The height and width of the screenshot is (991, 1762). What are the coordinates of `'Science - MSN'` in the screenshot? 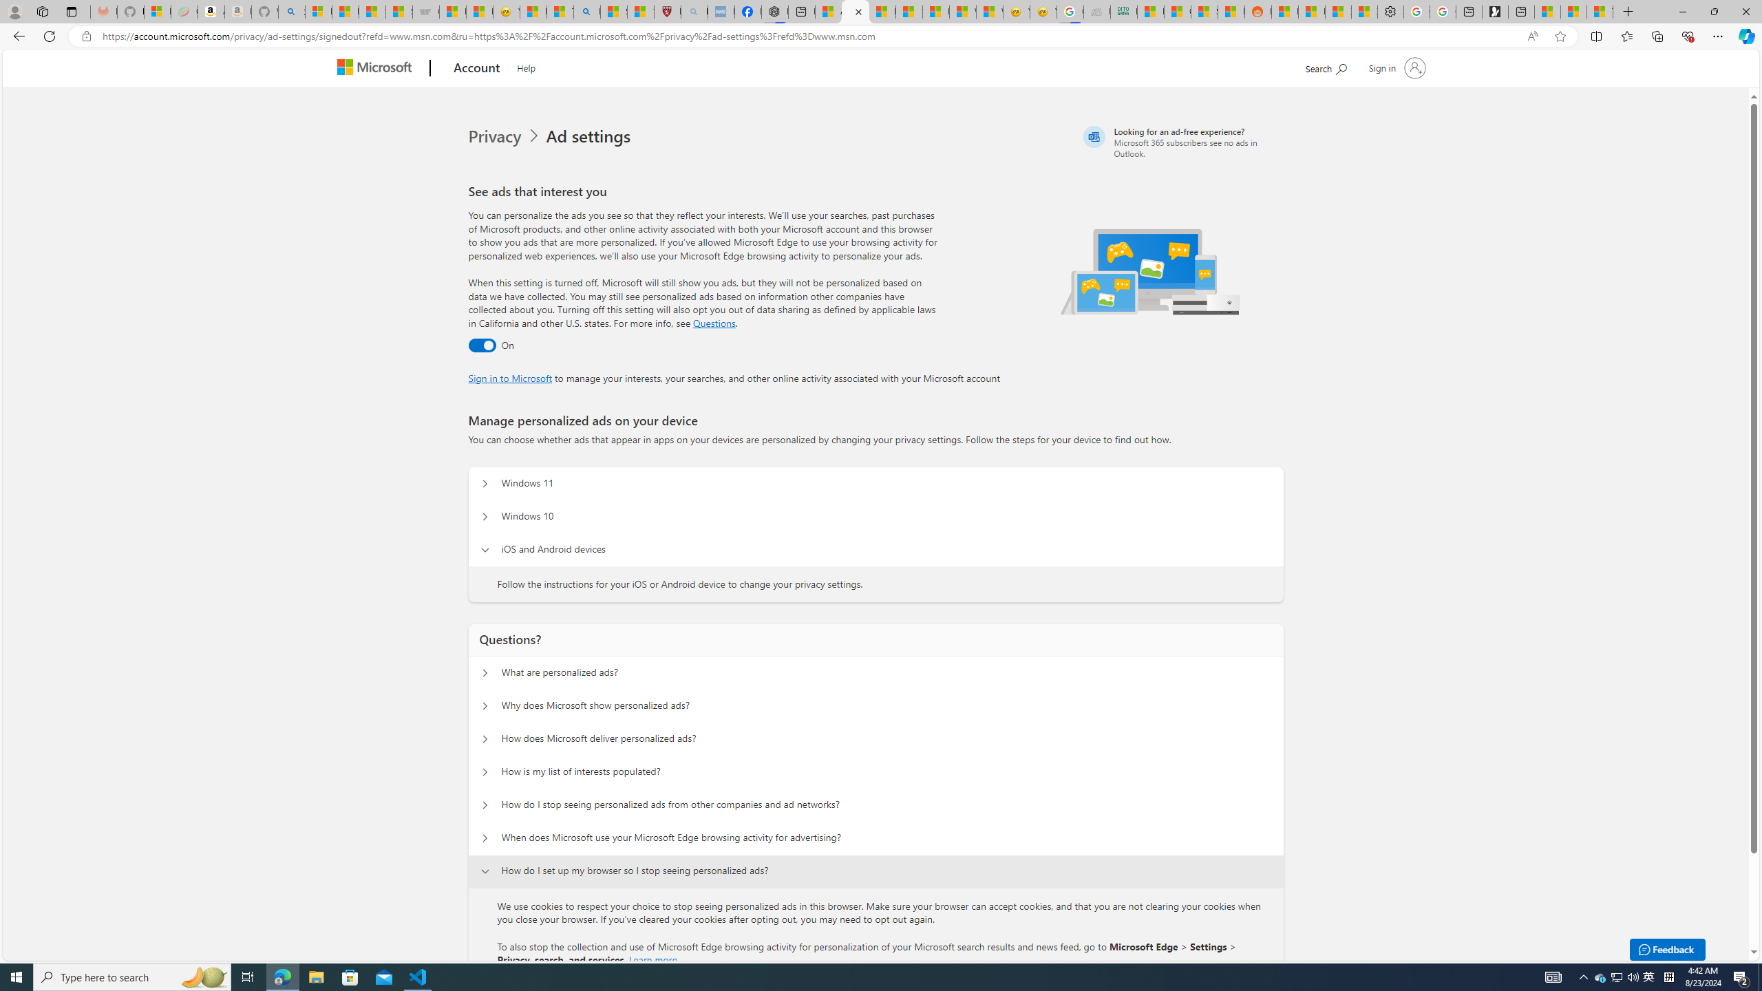 It's located at (614, 11).